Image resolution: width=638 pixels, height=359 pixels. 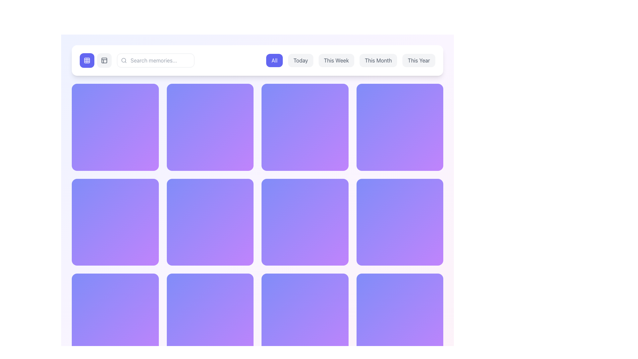 What do you see at coordinates (104, 60) in the screenshot?
I see `the toggle view mode button located in the header section, directly to the right of the blue grid icon button` at bounding box center [104, 60].